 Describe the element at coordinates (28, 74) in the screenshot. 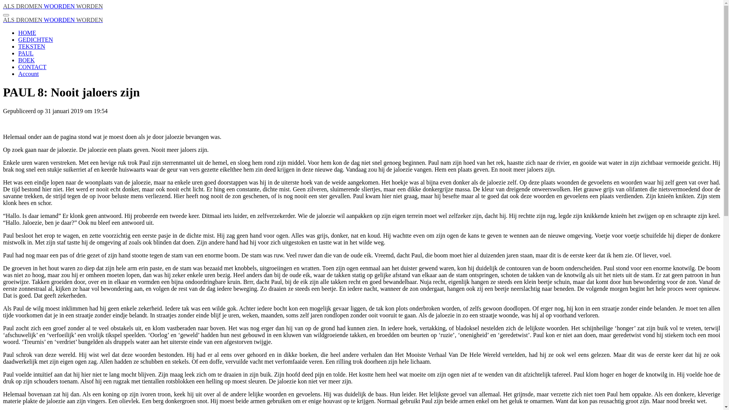

I see `'Account'` at that location.